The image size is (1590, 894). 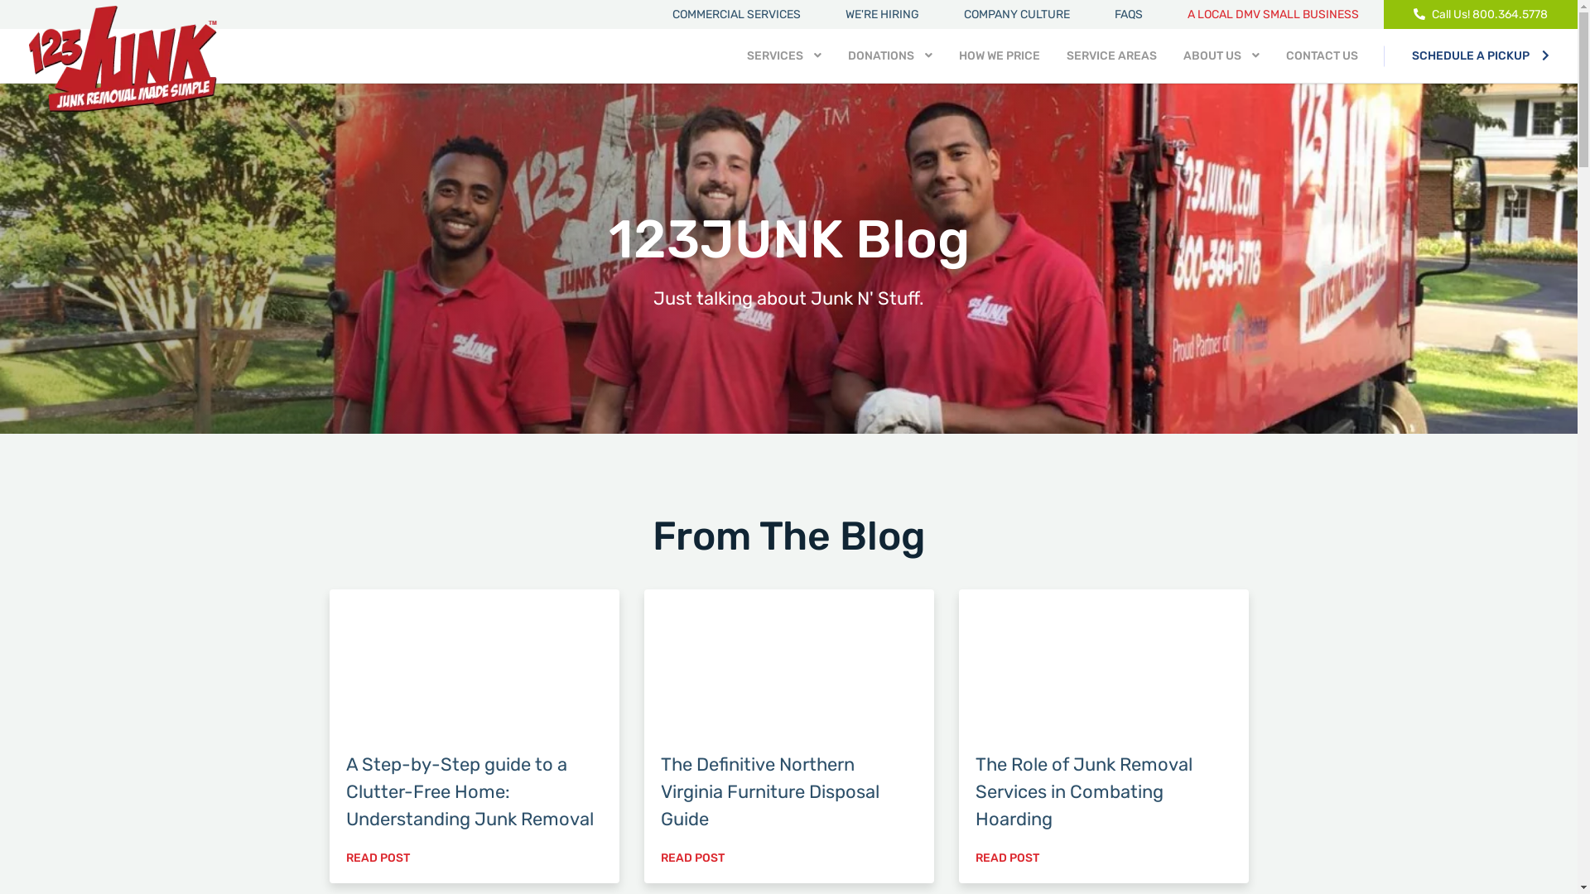 What do you see at coordinates (998, 55) in the screenshot?
I see `'HOW WE PRICE'` at bounding box center [998, 55].